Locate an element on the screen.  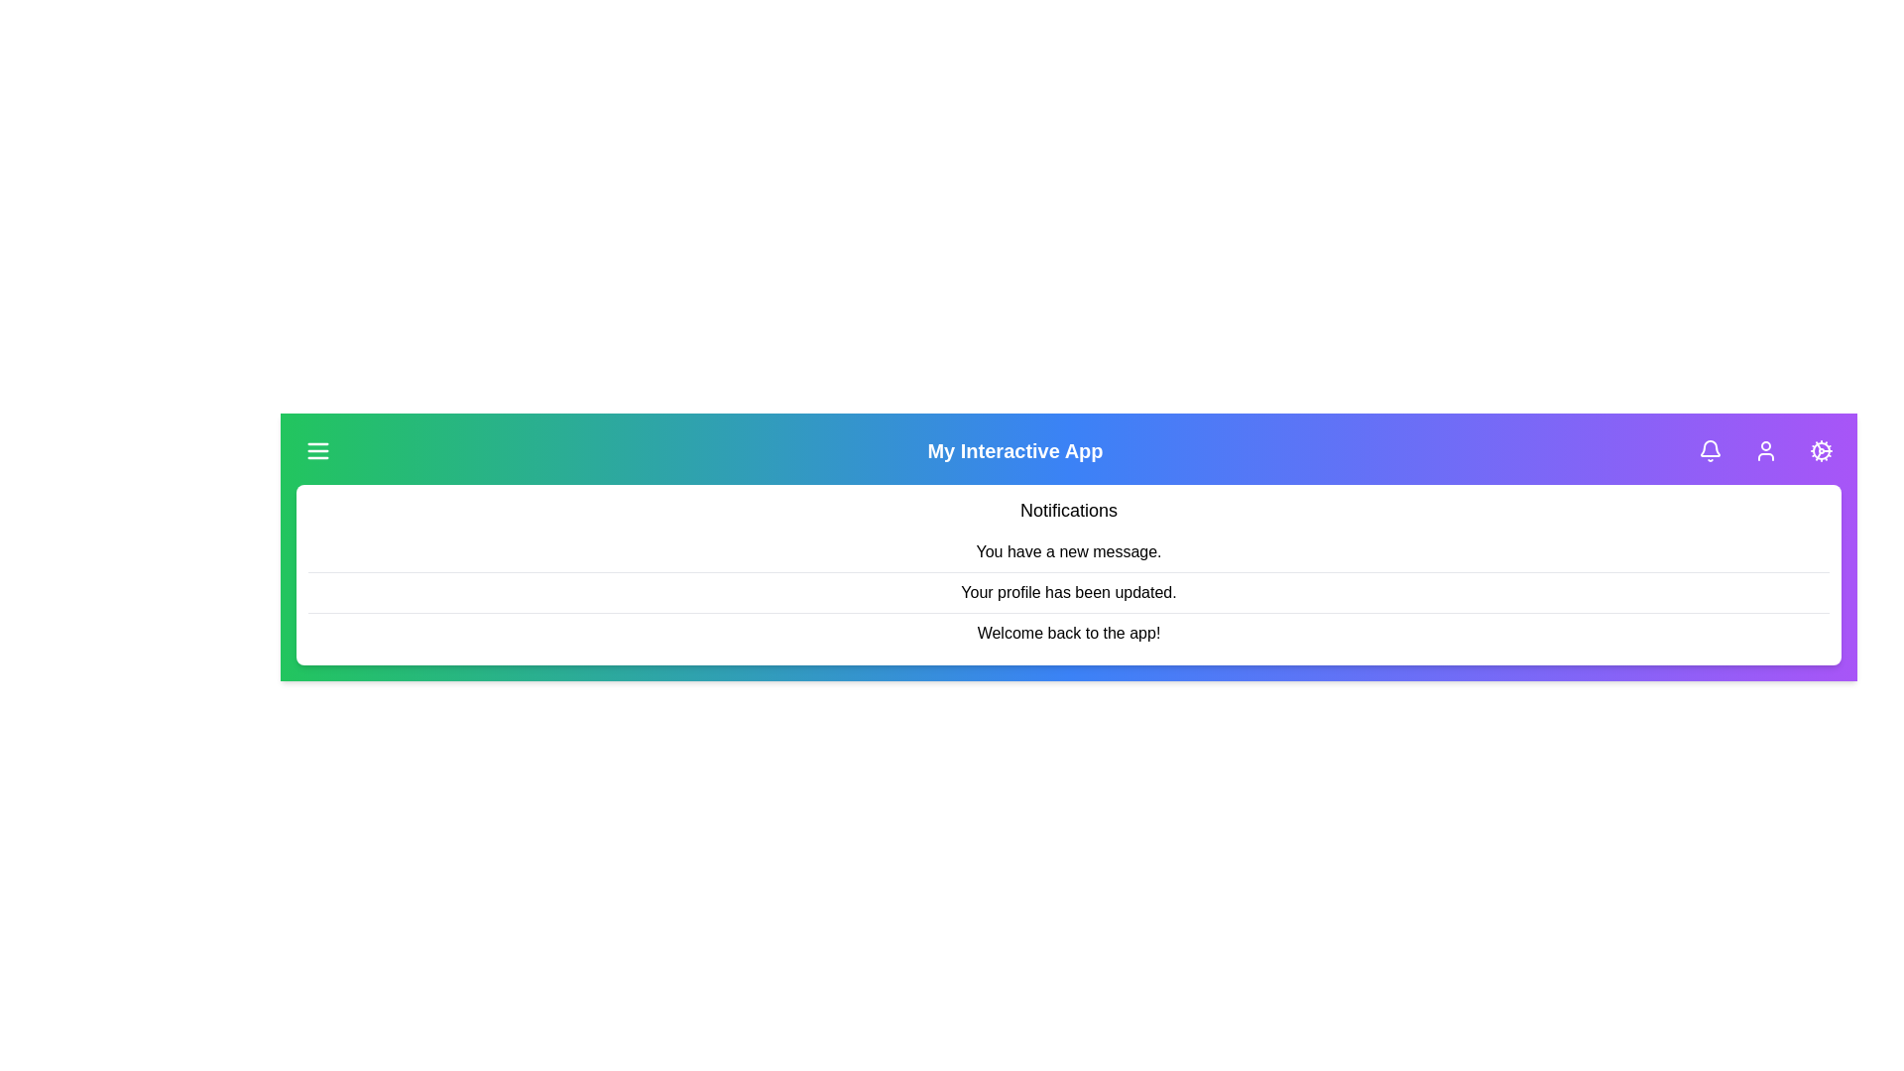
the cog button to access the settings is located at coordinates (1822, 451).